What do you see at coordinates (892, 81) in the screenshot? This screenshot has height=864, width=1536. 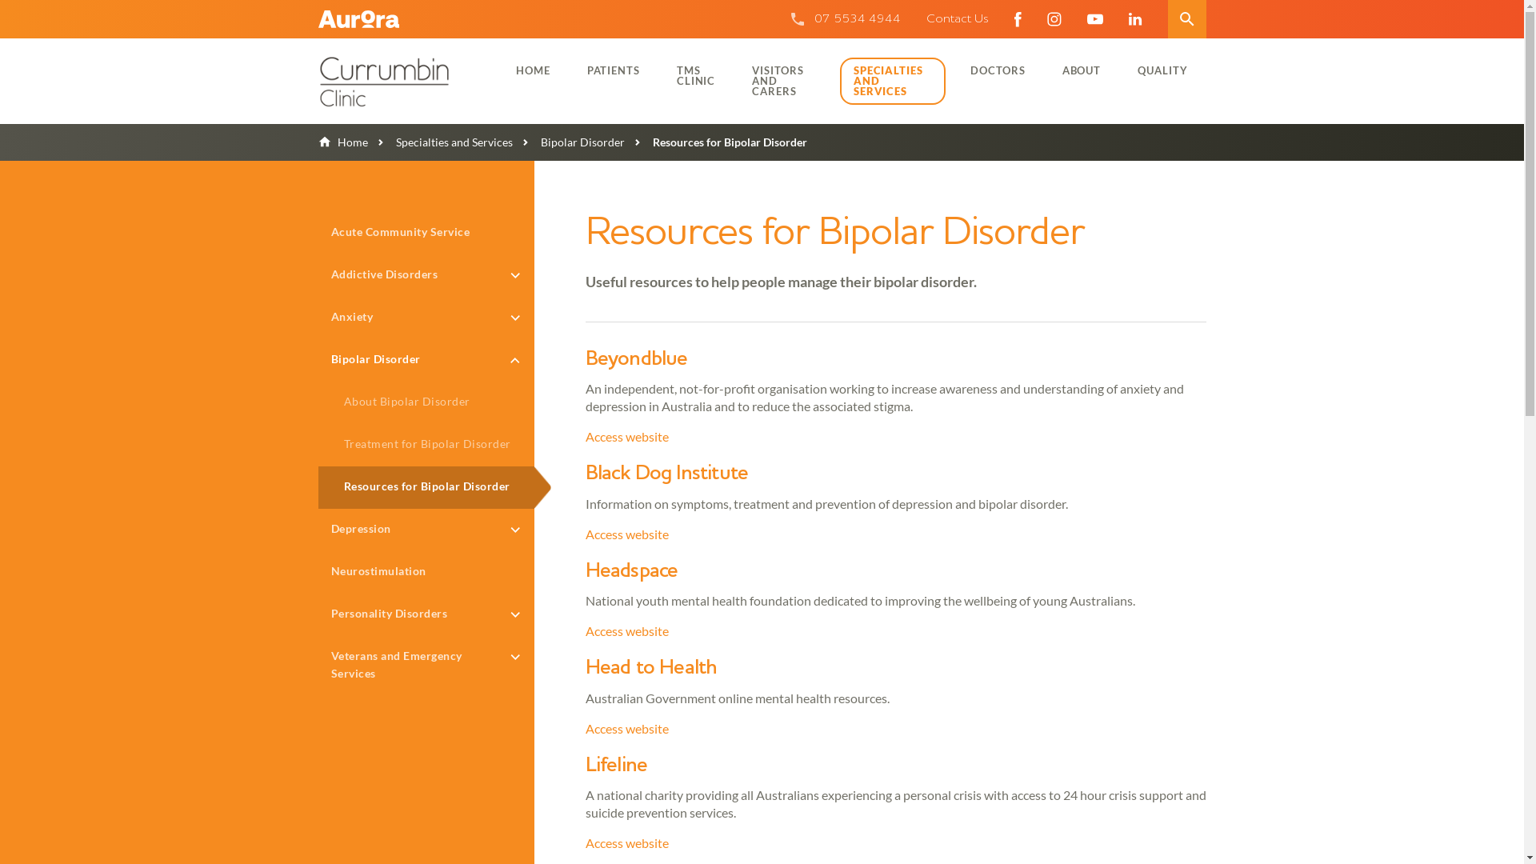 I see `'SPECIALTIES AND SERVICES` at bounding box center [892, 81].